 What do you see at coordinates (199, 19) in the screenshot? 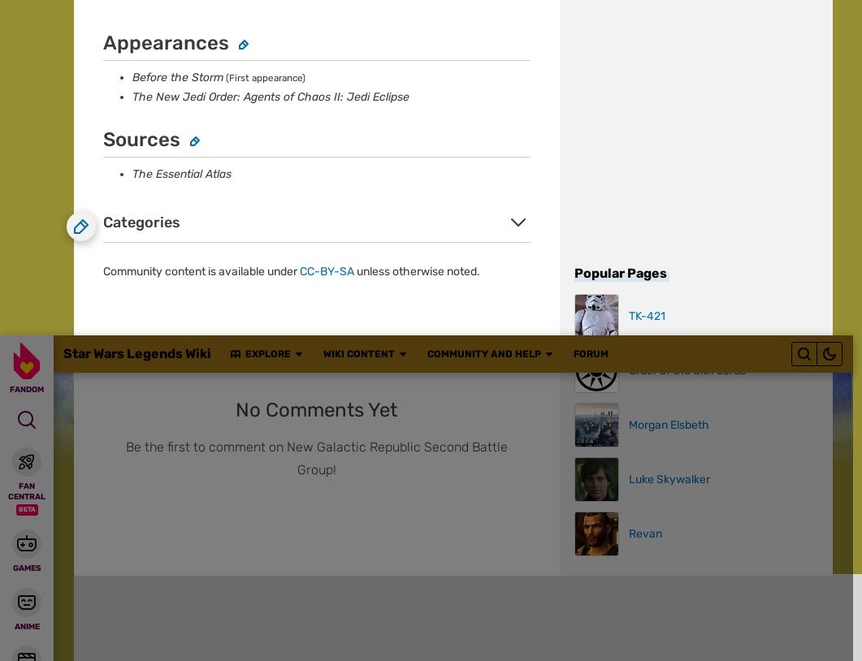
I see `'Luke Skywalker'` at bounding box center [199, 19].